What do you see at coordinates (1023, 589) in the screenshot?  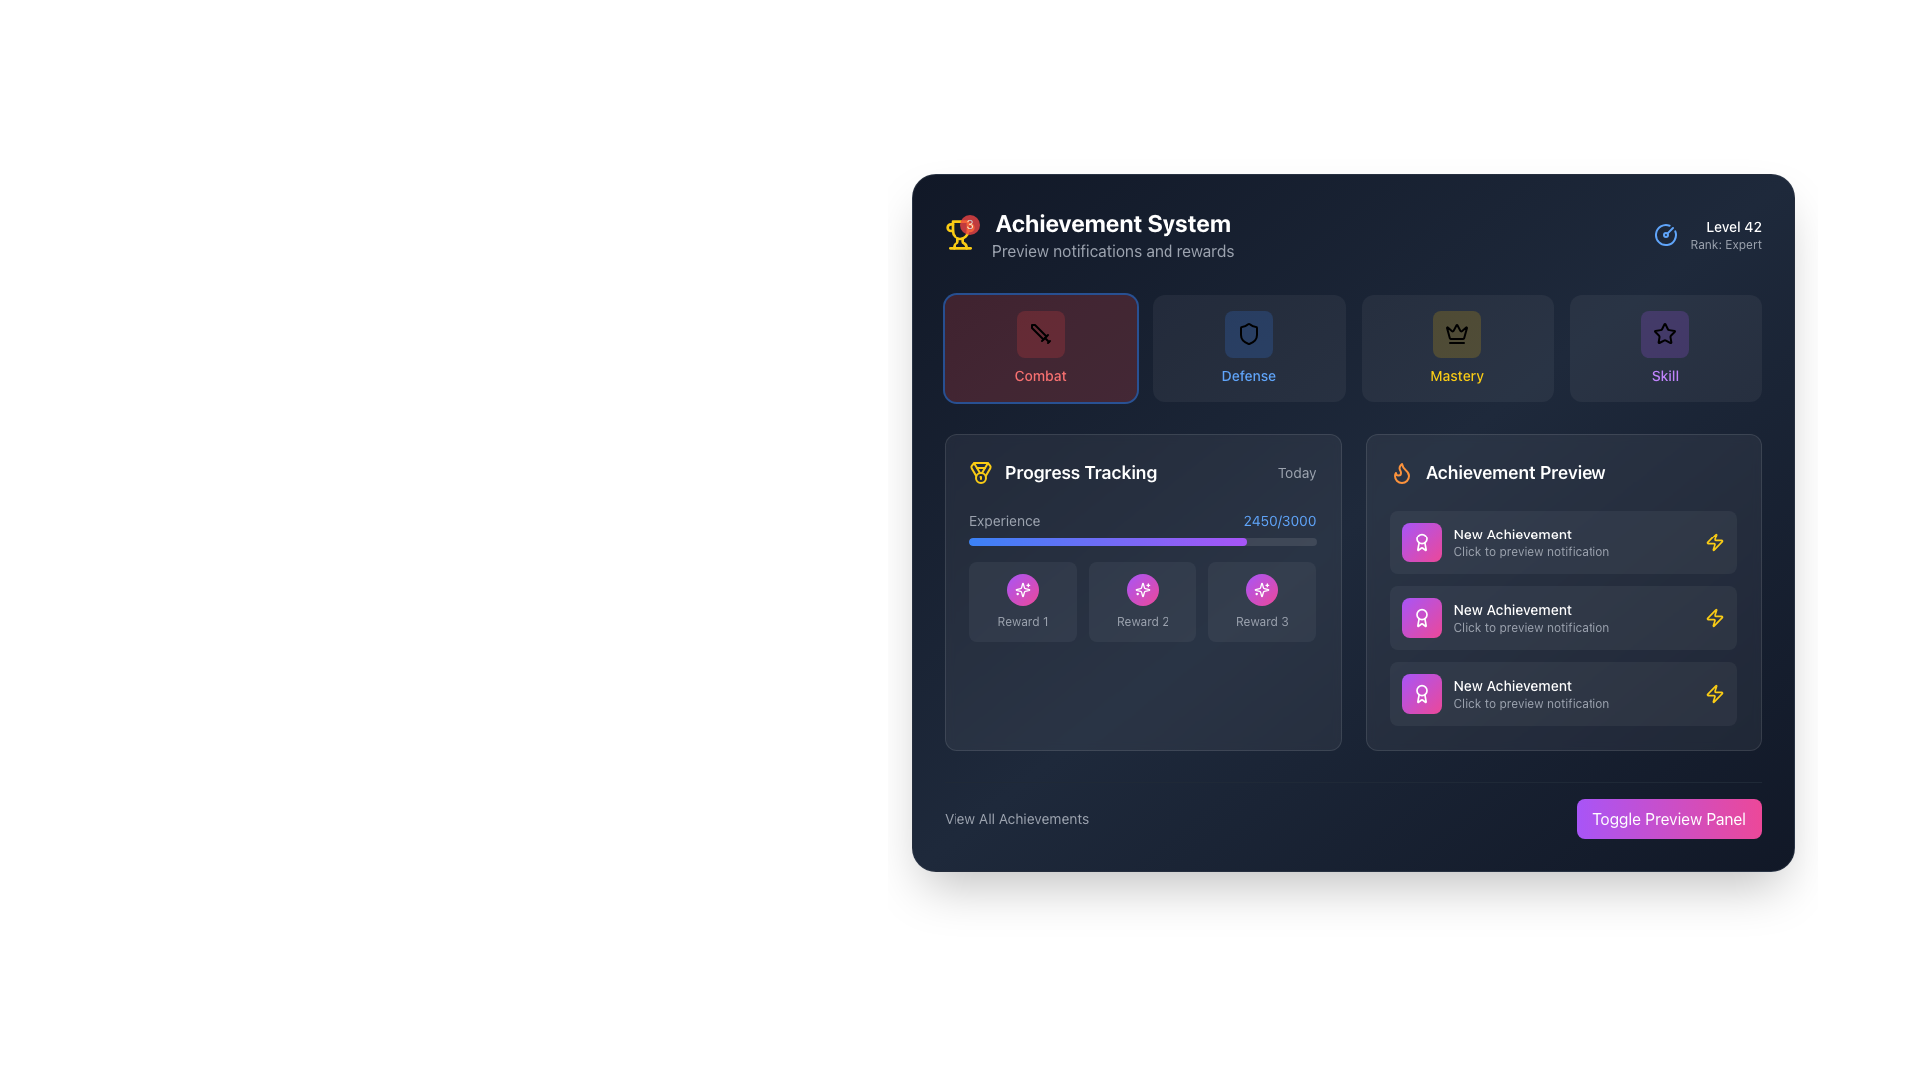 I see `the small circular decorative graphical element with a gradient from purple to pink and a white star-like icon at its center, located in the middle row of the 'Progress Tracking' section` at bounding box center [1023, 589].